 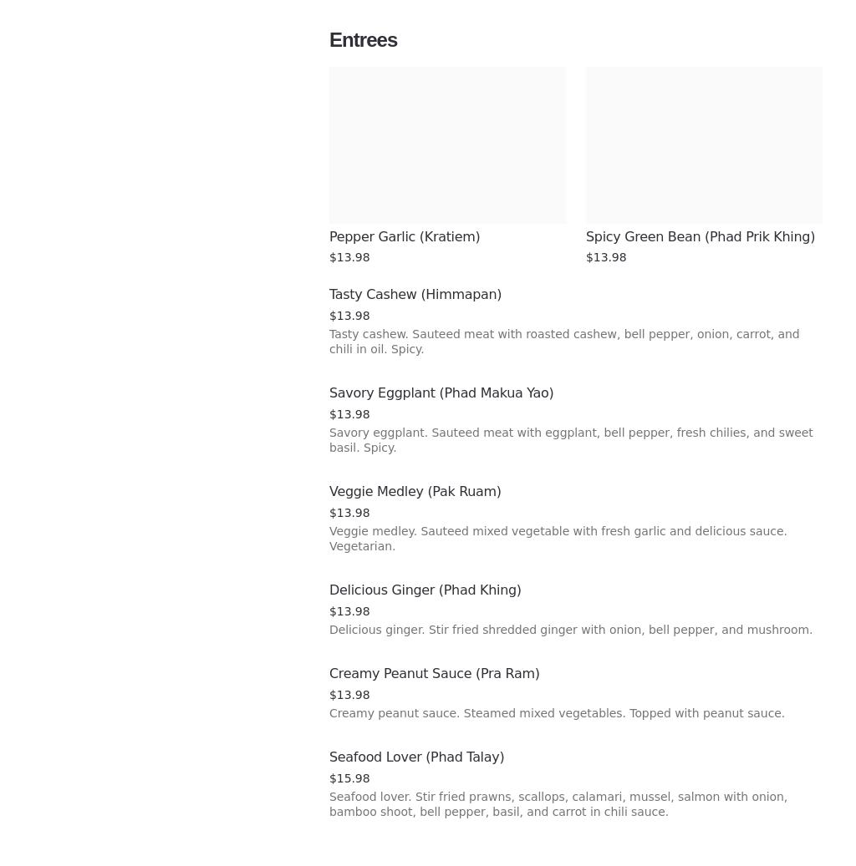 What do you see at coordinates (363, 38) in the screenshot?
I see `'Entrees'` at bounding box center [363, 38].